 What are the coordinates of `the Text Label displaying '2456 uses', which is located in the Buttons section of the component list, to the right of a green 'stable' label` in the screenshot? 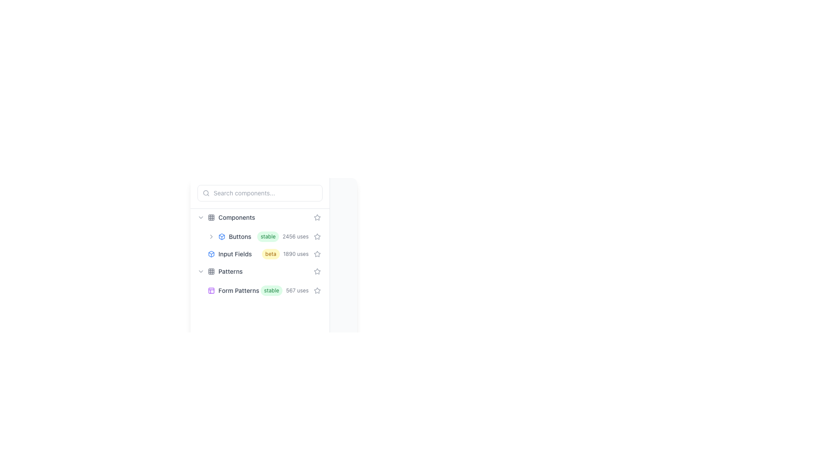 It's located at (296, 236).